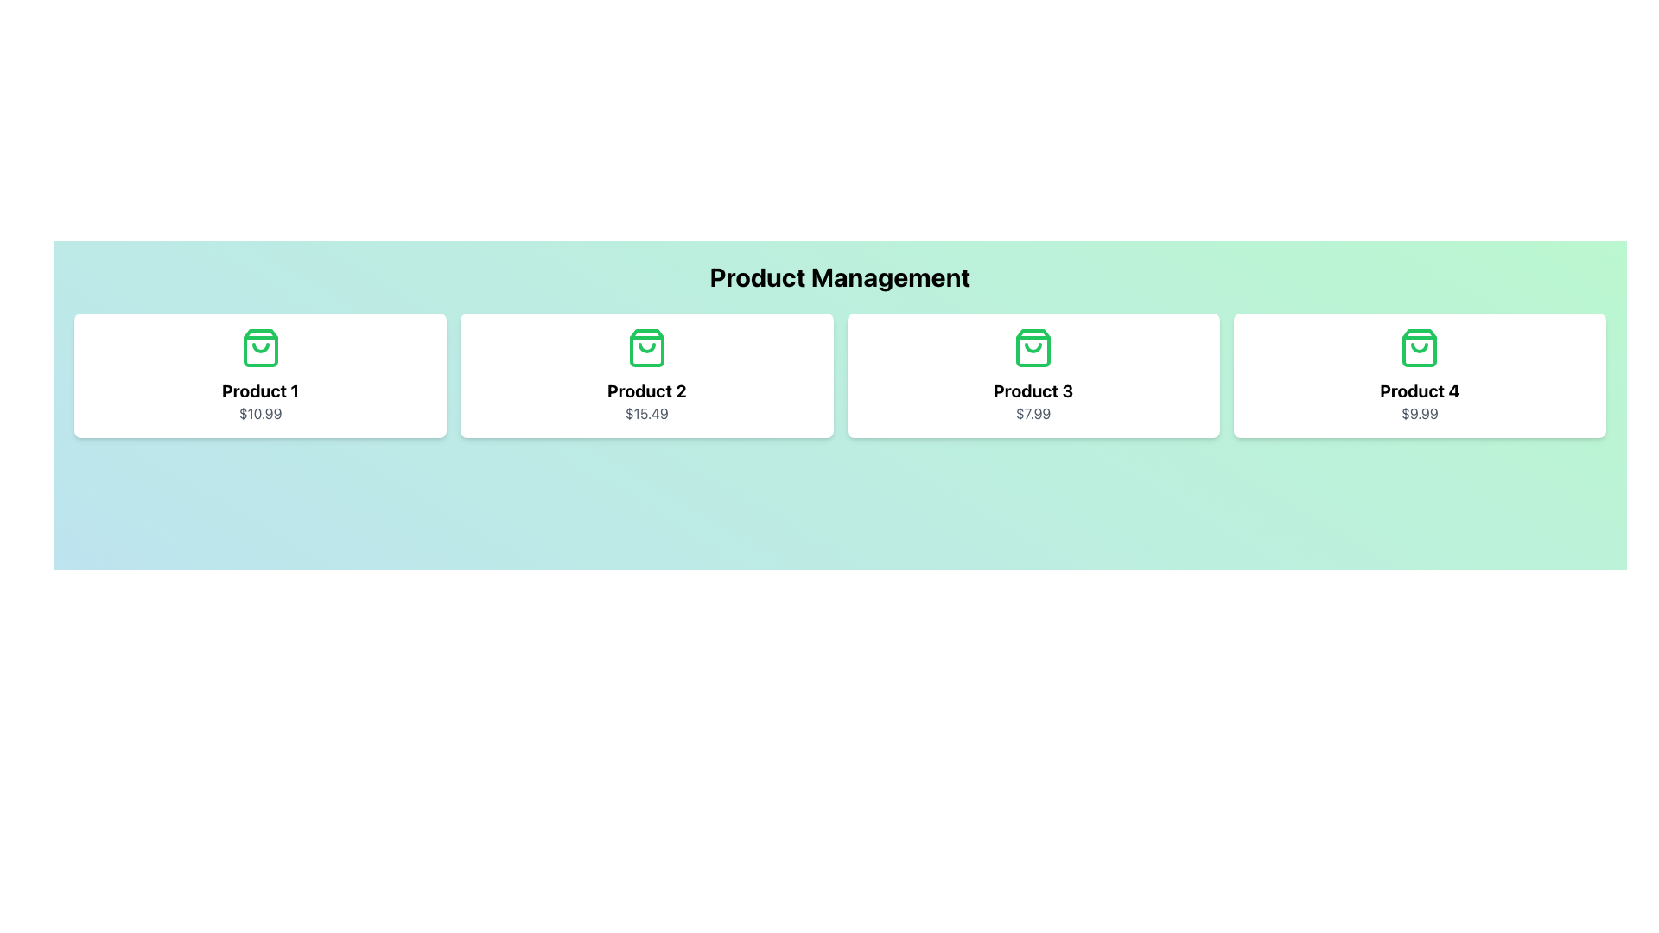  I want to click on the text label that identifies 'Product 1', which is located below the shopping bag icon and above the price '$10.99', so click(259, 390).